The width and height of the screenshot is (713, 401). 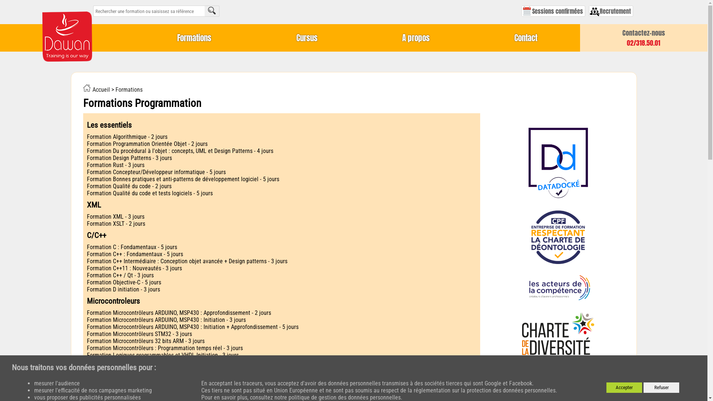 What do you see at coordinates (288, 38) in the screenshot?
I see `'Cursus'` at bounding box center [288, 38].